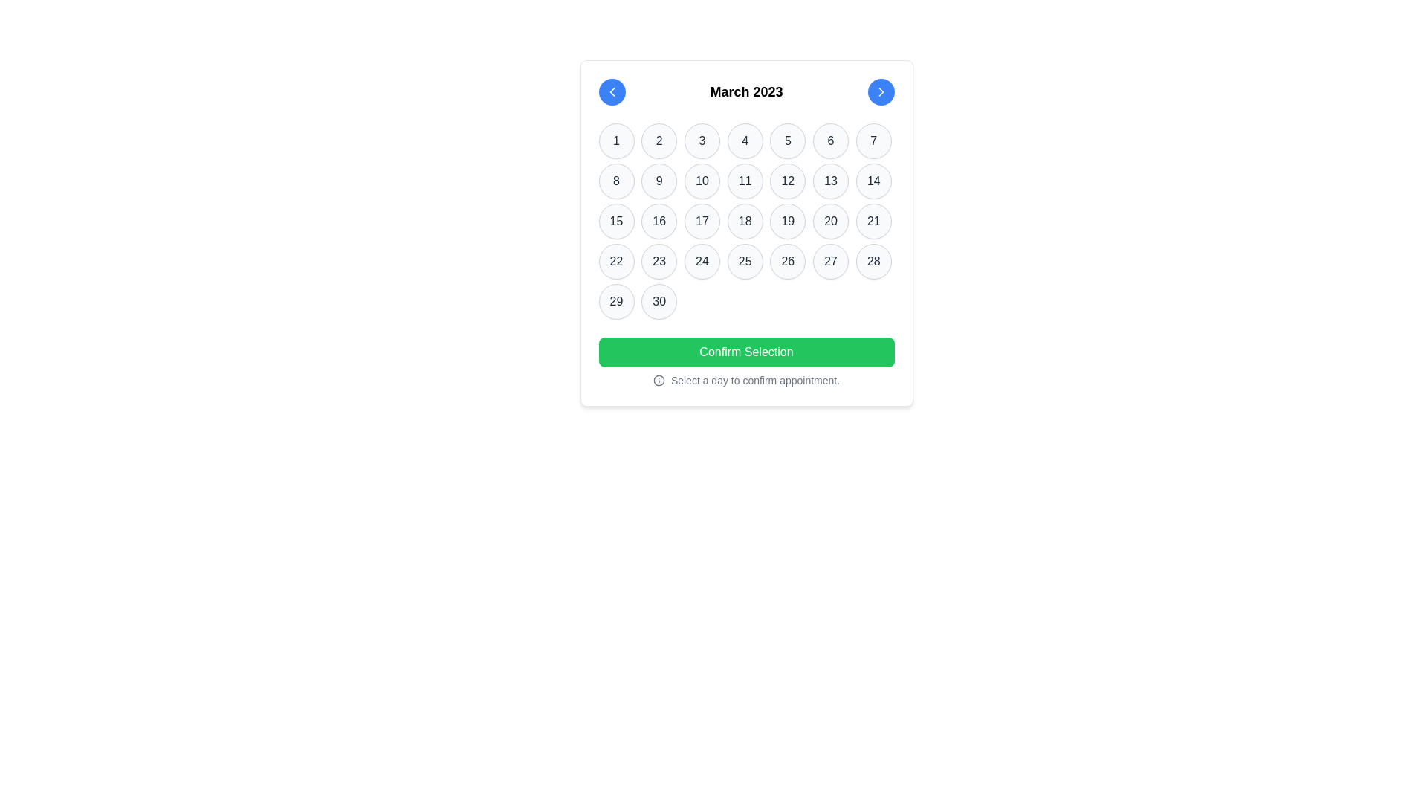 The image size is (1427, 803). What do you see at coordinates (616, 180) in the screenshot?
I see `the circular button with the number '8' that has a light gray background and darker border` at bounding box center [616, 180].